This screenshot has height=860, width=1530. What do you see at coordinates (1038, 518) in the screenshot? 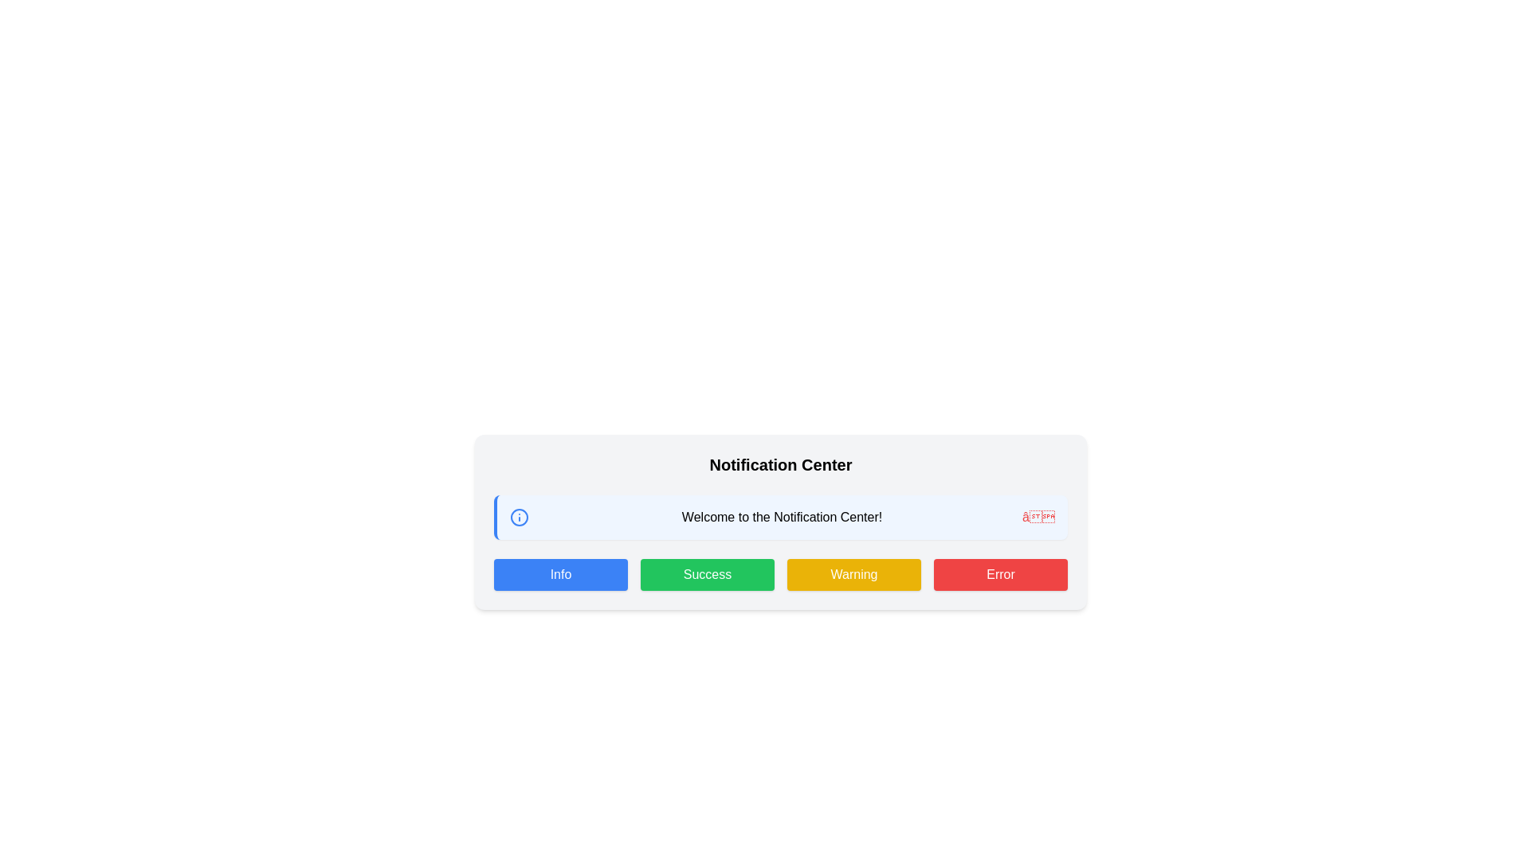
I see `the small red button with an 'X' symbol on the right end of the notification panel` at bounding box center [1038, 518].